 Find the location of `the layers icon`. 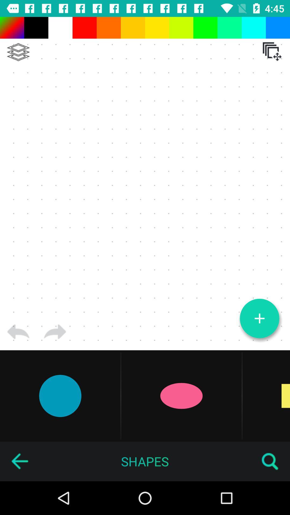

the layers icon is located at coordinates (18, 52).